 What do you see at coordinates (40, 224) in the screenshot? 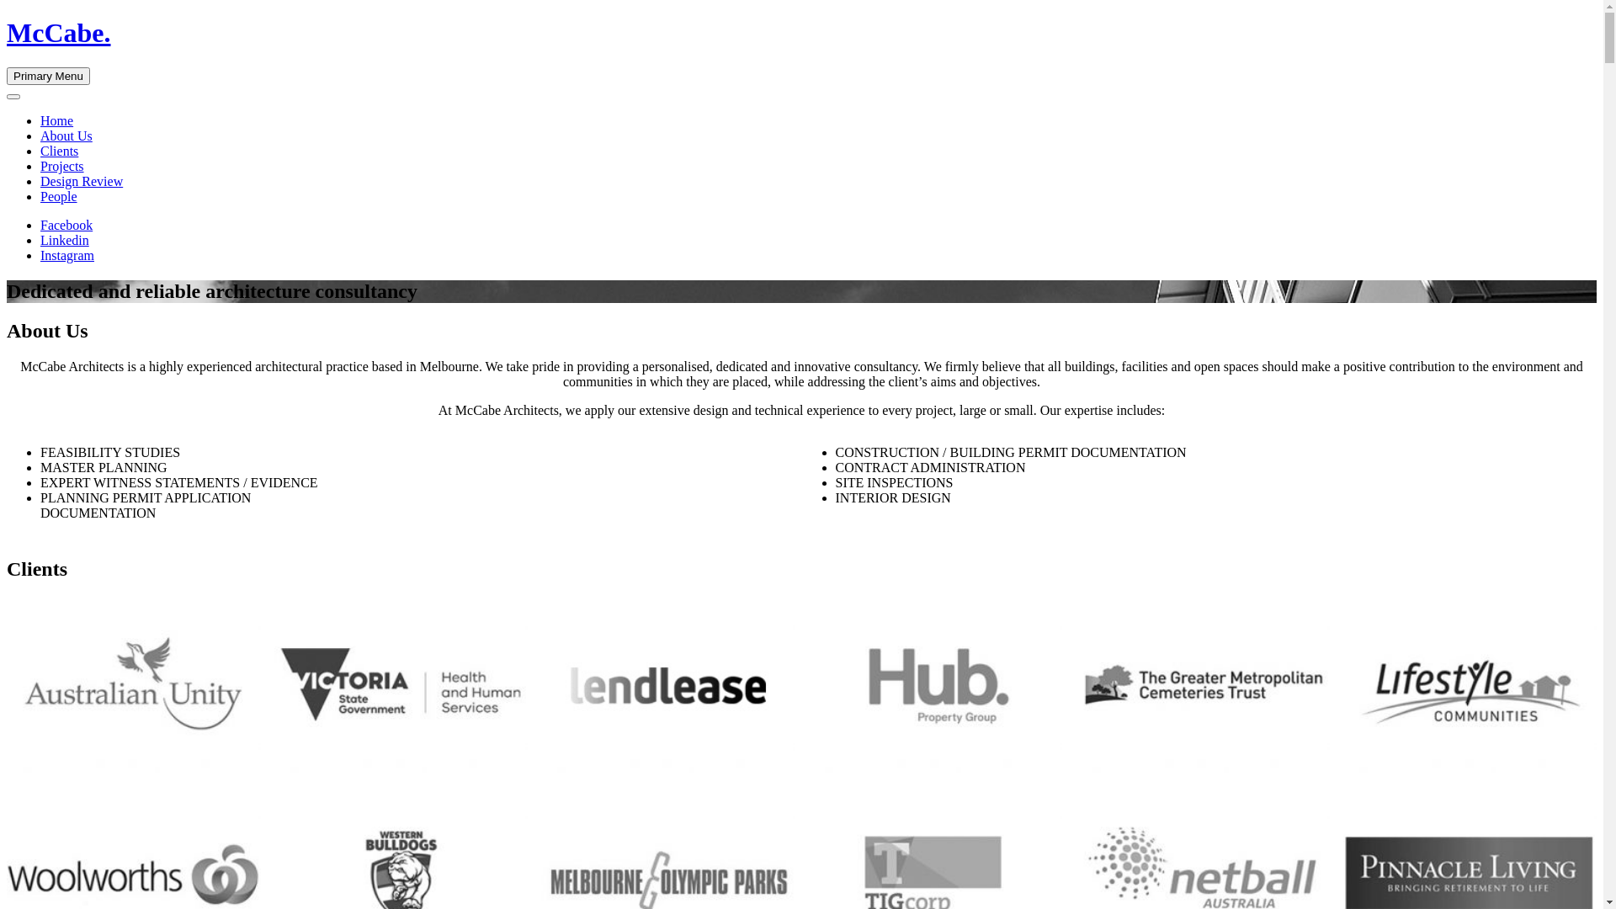
I see `'Facebook'` at bounding box center [40, 224].